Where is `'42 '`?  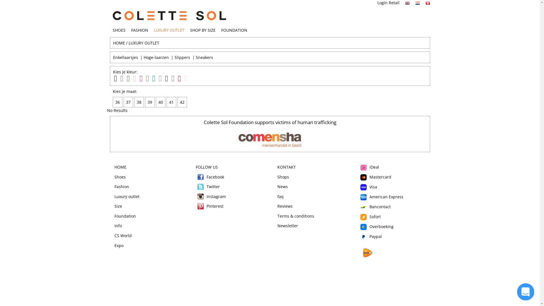
'42 ' is located at coordinates (182, 102).